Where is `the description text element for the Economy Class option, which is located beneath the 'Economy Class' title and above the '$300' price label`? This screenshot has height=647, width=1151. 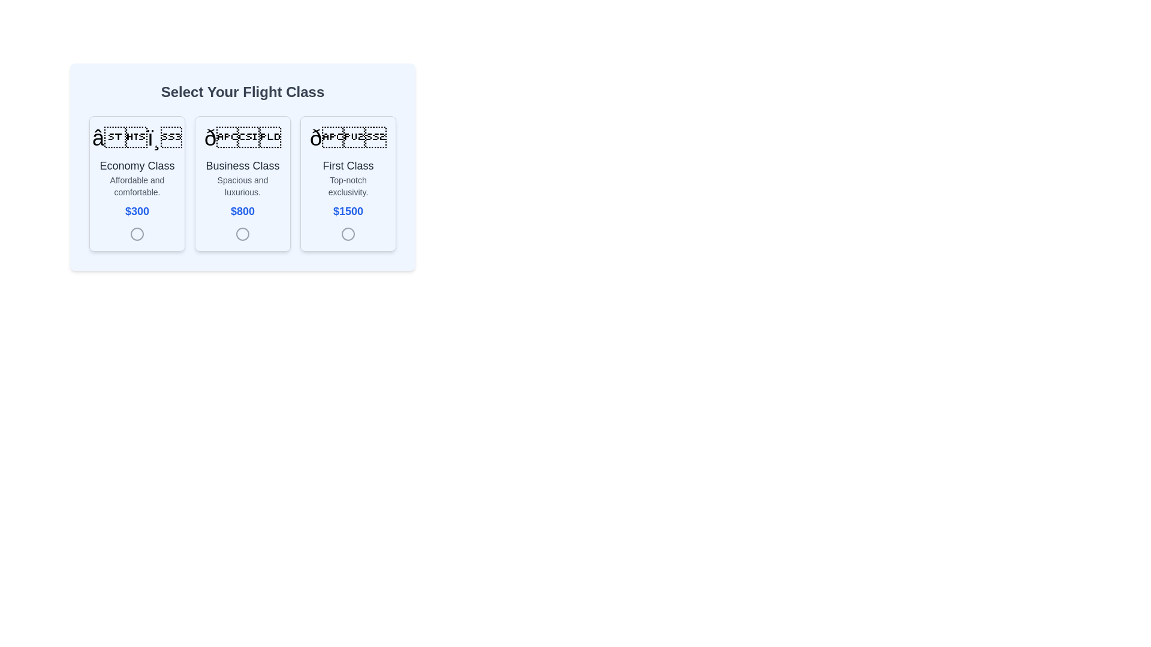
the description text element for the Economy Class option, which is located beneath the 'Economy Class' title and above the '$300' price label is located at coordinates (137, 186).